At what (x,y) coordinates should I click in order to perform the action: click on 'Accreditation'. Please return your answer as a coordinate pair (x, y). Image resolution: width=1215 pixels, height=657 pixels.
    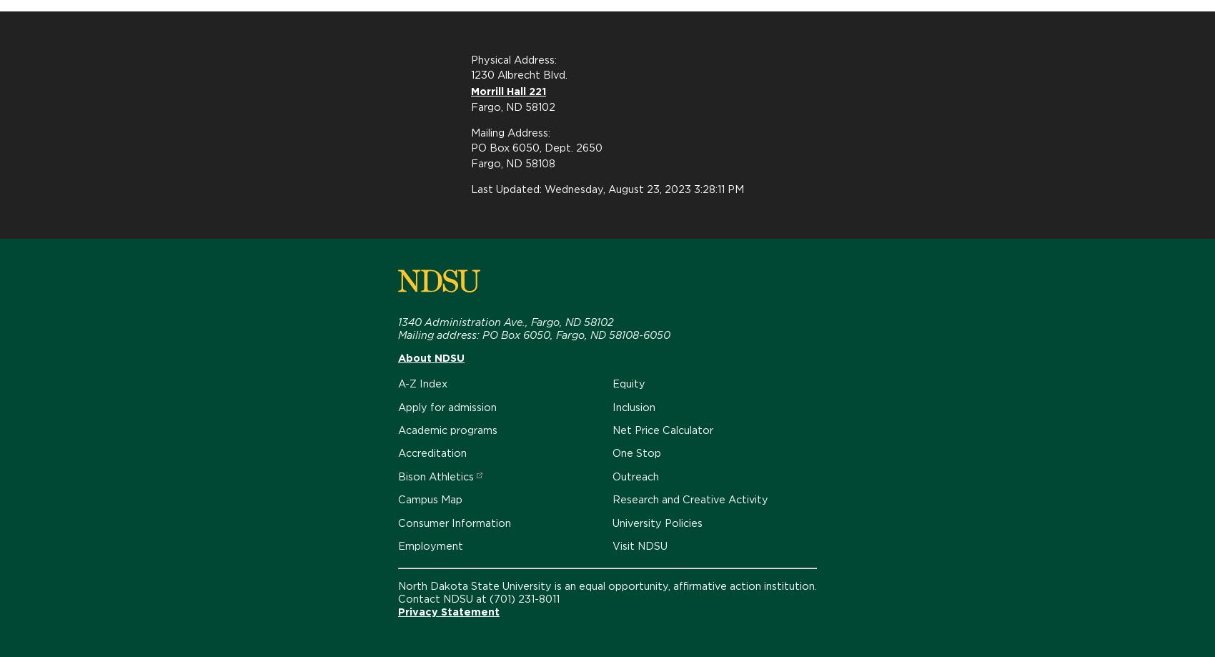
    Looking at the image, I should click on (432, 453).